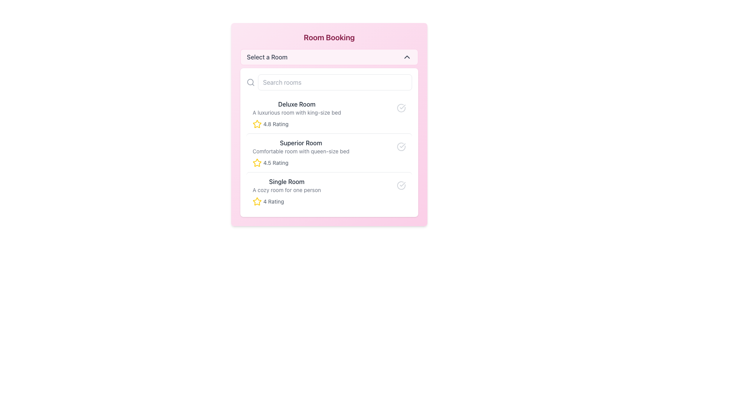 This screenshot has height=414, width=736. I want to click on the Text heading that serves as the title for room booking content, located at the top of a large pink card structure, so click(329, 37).